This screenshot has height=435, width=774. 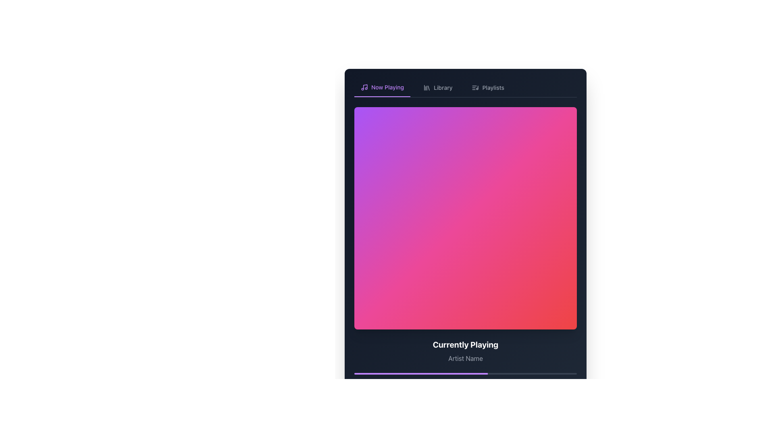 What do you see at coordinates (466, 88) in the screenshot?
I see `the 'Playlists' section of the navigation bar` at bounding box center [466, 88].